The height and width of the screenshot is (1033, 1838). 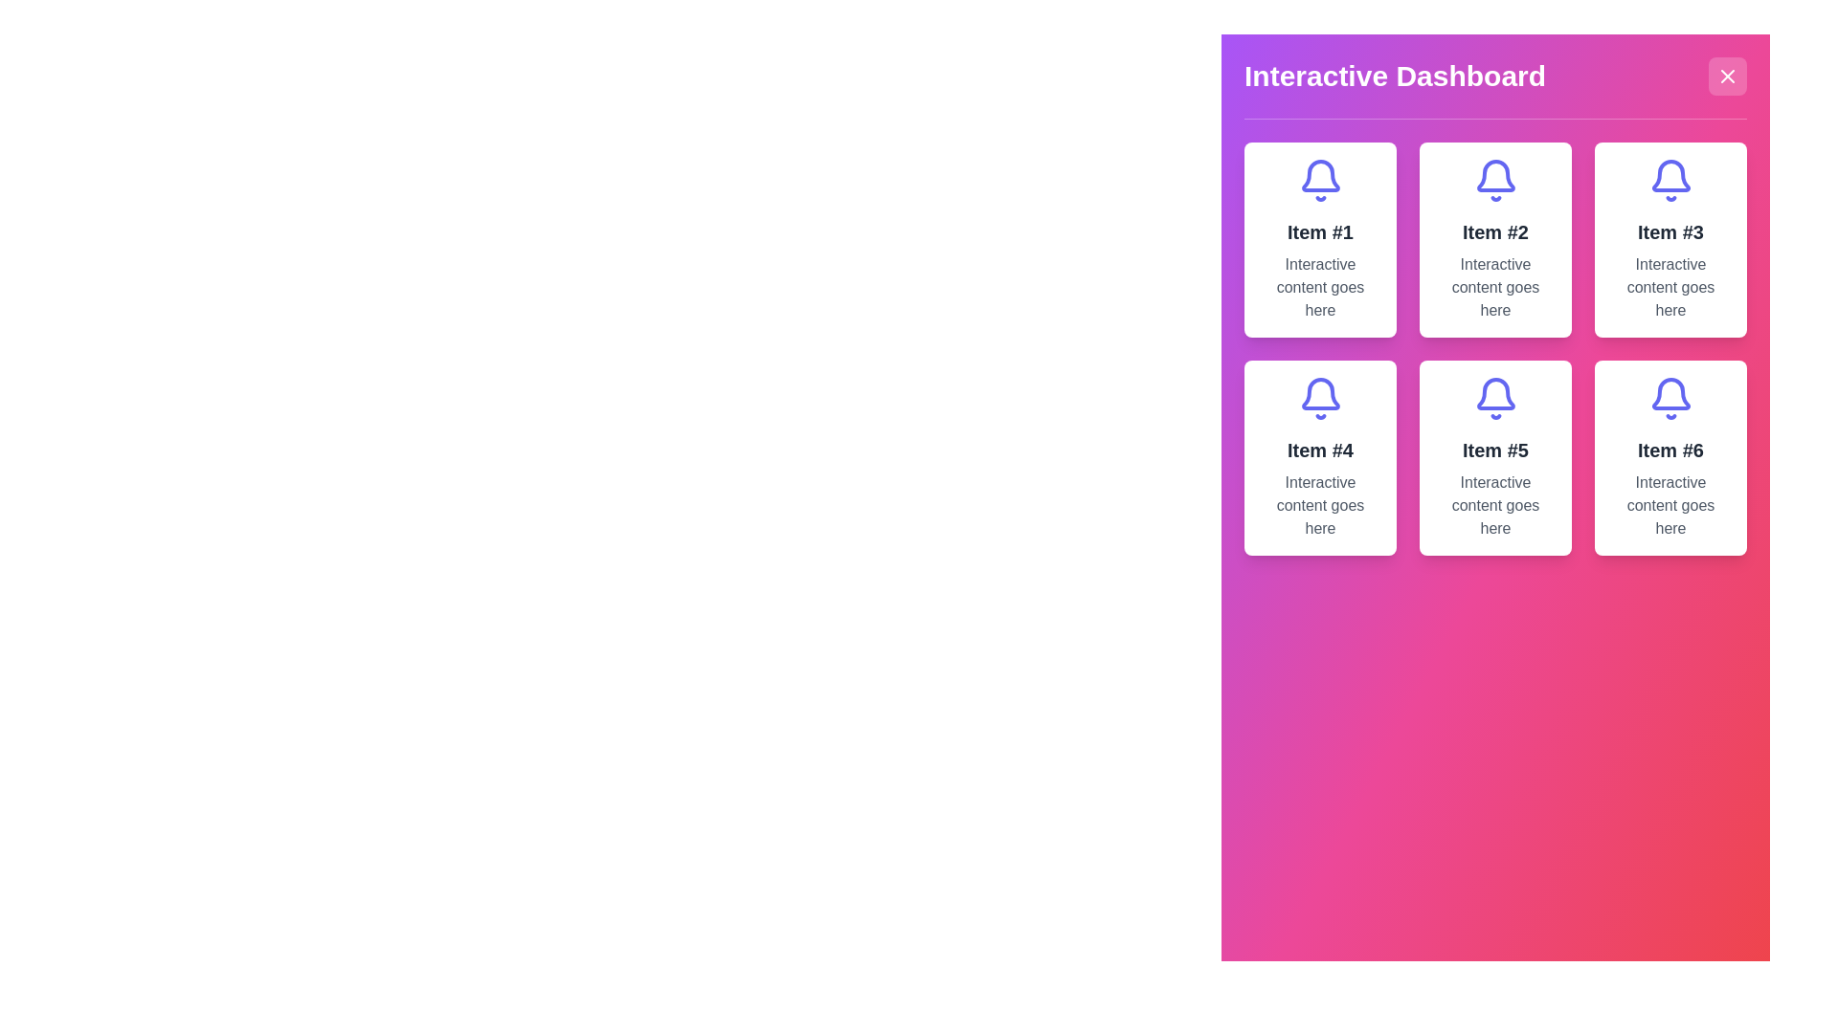 What do you see at coordinates (1319, 287) in the screenshot?
I see `the text block that contains the text 'Interactive content goes here', styled with a gray font color and located within the card labeled 'Item #1', positioned below the title text and the bell icon` at bounding box center [1319, 287].